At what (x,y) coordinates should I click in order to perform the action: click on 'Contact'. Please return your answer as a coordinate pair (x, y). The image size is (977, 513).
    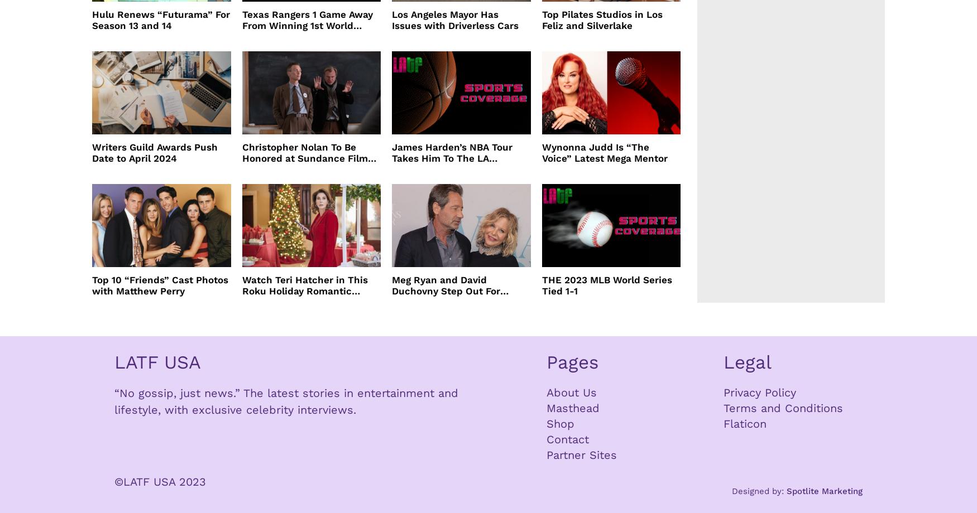
    Looking at the image, I should click on (567, 438).